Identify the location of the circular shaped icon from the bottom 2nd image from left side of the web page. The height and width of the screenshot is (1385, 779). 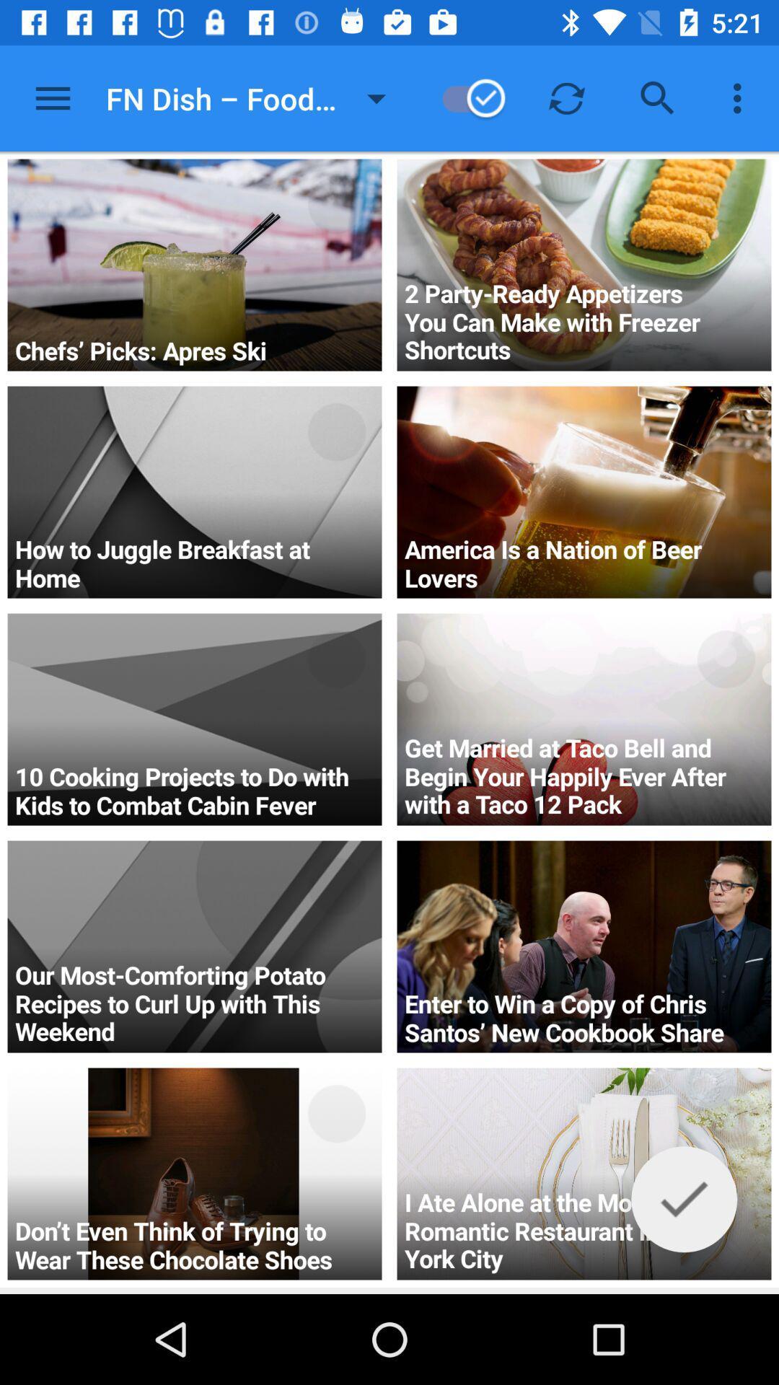
(336, 885).